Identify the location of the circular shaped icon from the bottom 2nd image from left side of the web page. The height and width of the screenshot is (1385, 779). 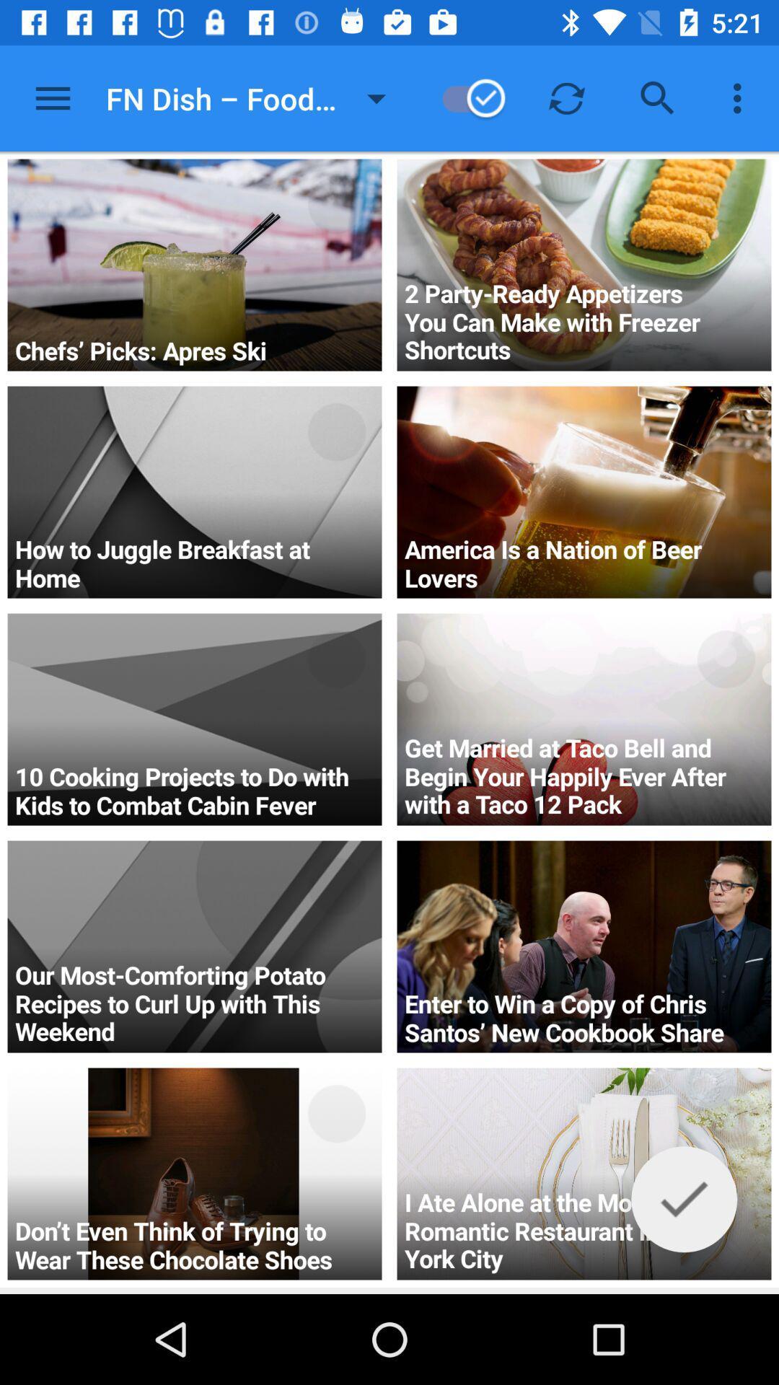
(336, 885).